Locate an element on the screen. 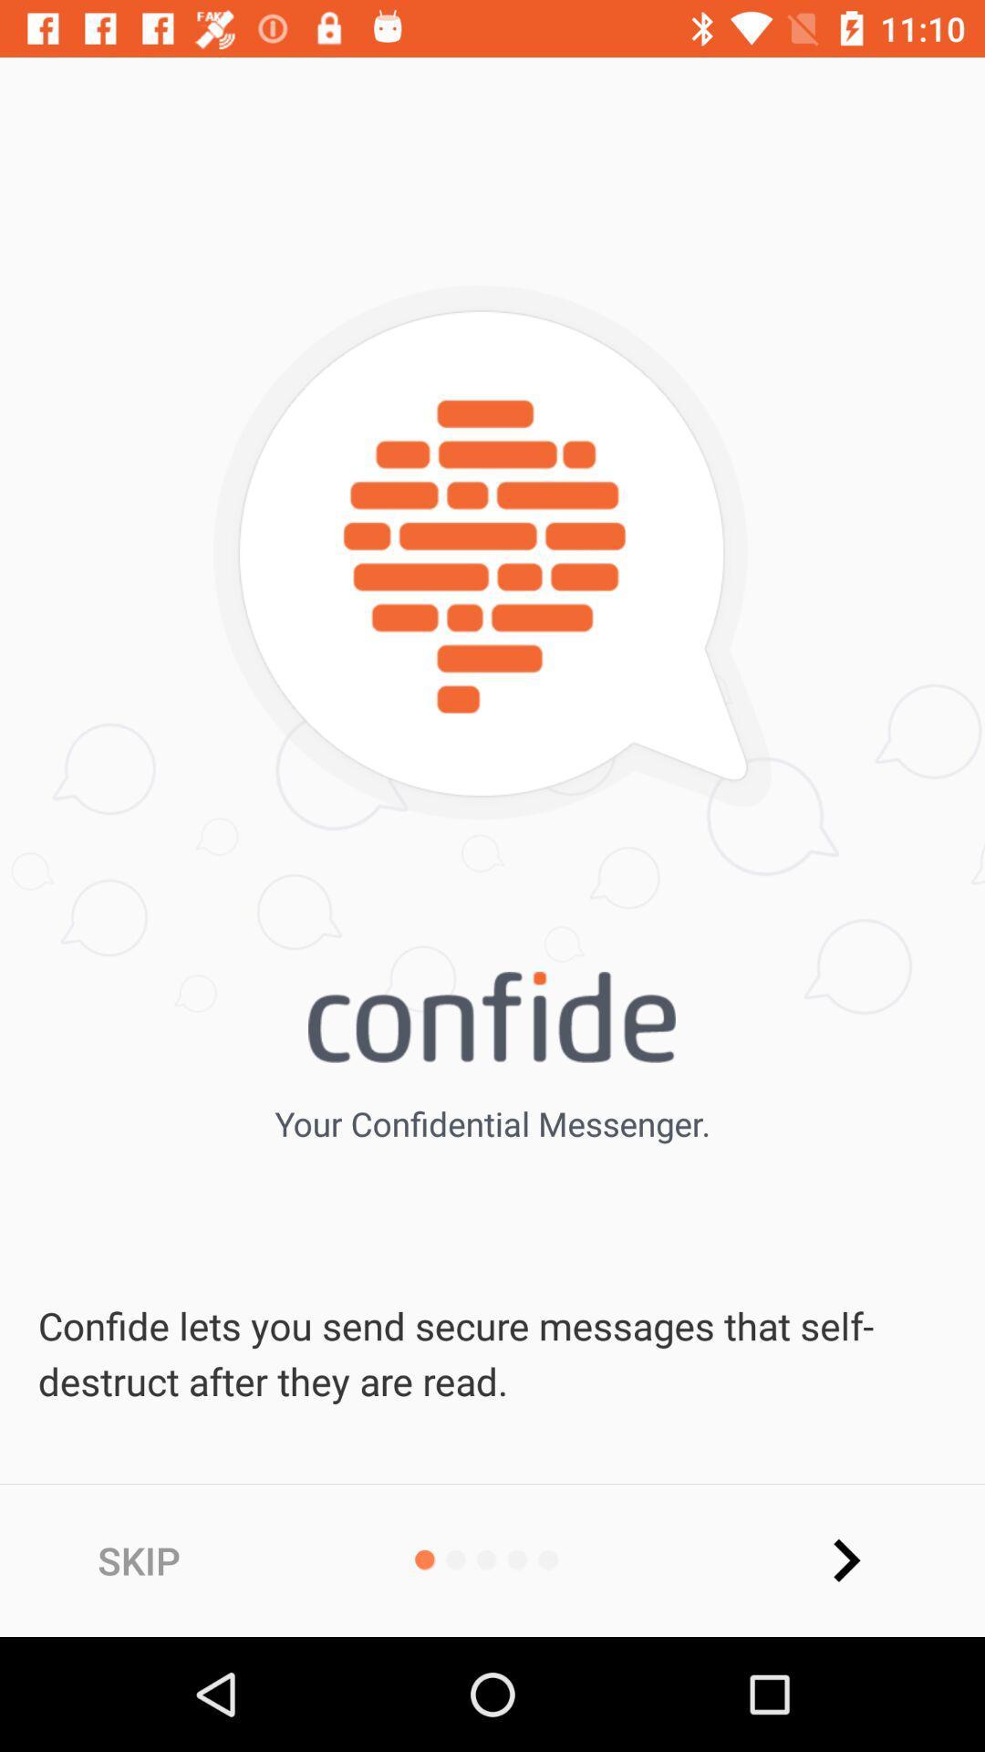 The image size is (985, 1752). the arrow_forward icon is located at coordinates (845, 1559).